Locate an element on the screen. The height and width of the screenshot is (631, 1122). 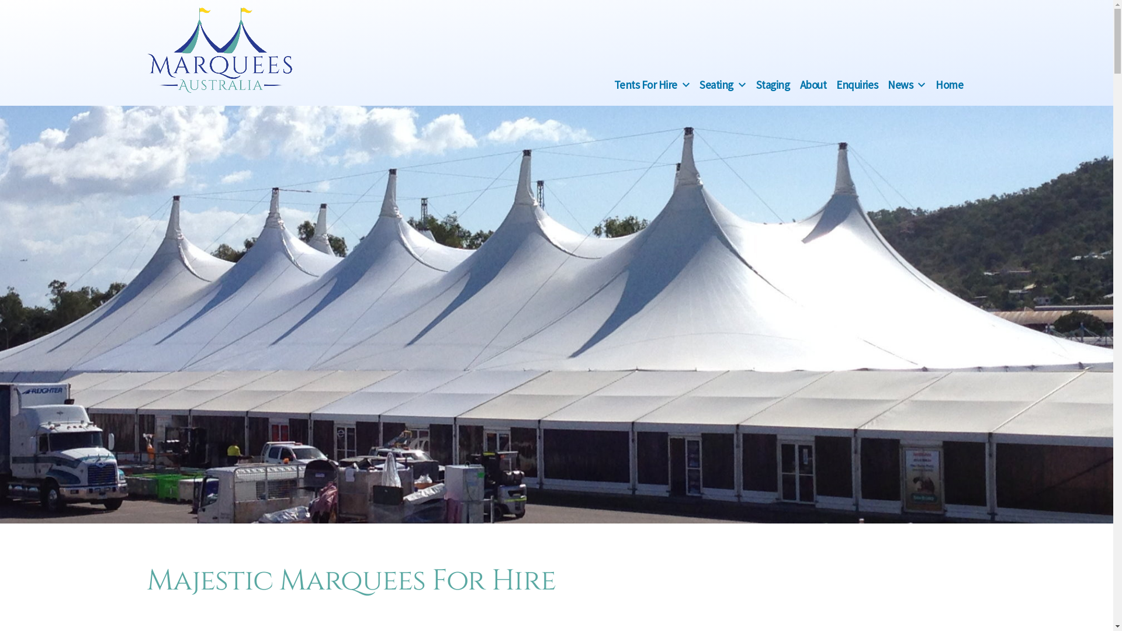
'Enquiries' is located at coordinates (857, 83).